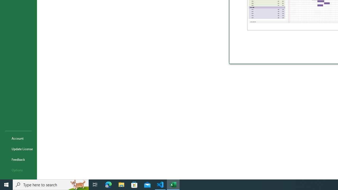  I want to click on 'Microsoft Store', so click(134, 184).